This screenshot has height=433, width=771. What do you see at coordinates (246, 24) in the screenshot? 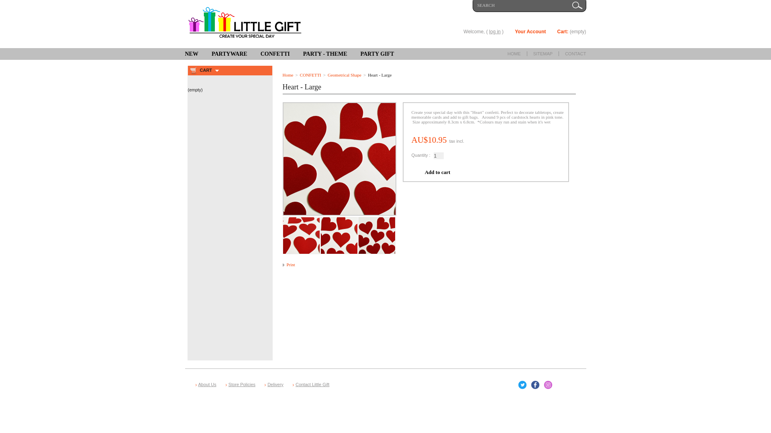
I see `'Little Gift'` at bounding box center [246, 24].